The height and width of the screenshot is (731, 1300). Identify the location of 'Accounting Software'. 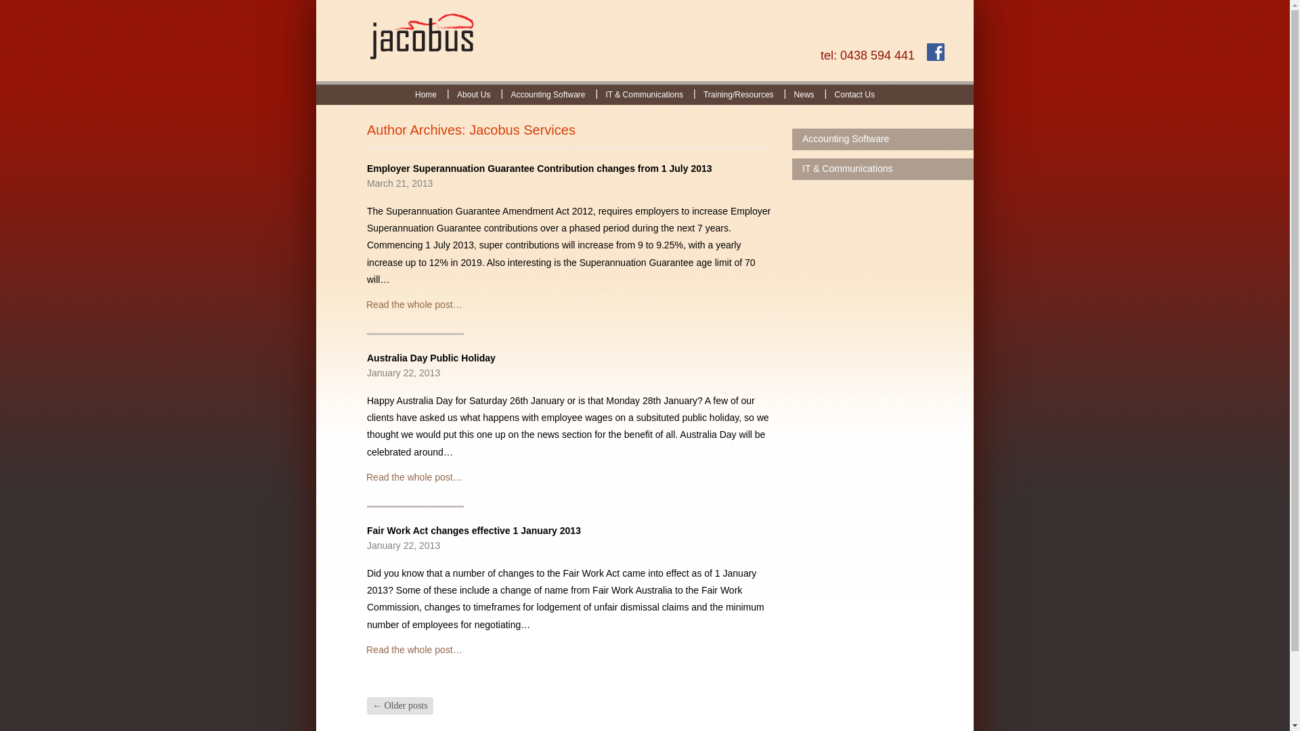
(883, 139).